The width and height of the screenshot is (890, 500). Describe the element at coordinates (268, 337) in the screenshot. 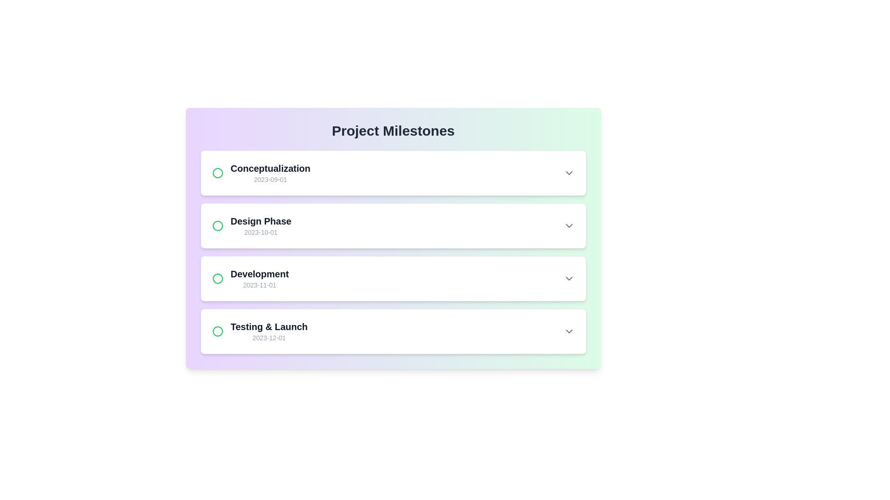

I see `the text label displaying the date '2023-12-01', which is located directly beneath the title 'Testing & Launch' in a grouping box at the bottom of the list` at that location.